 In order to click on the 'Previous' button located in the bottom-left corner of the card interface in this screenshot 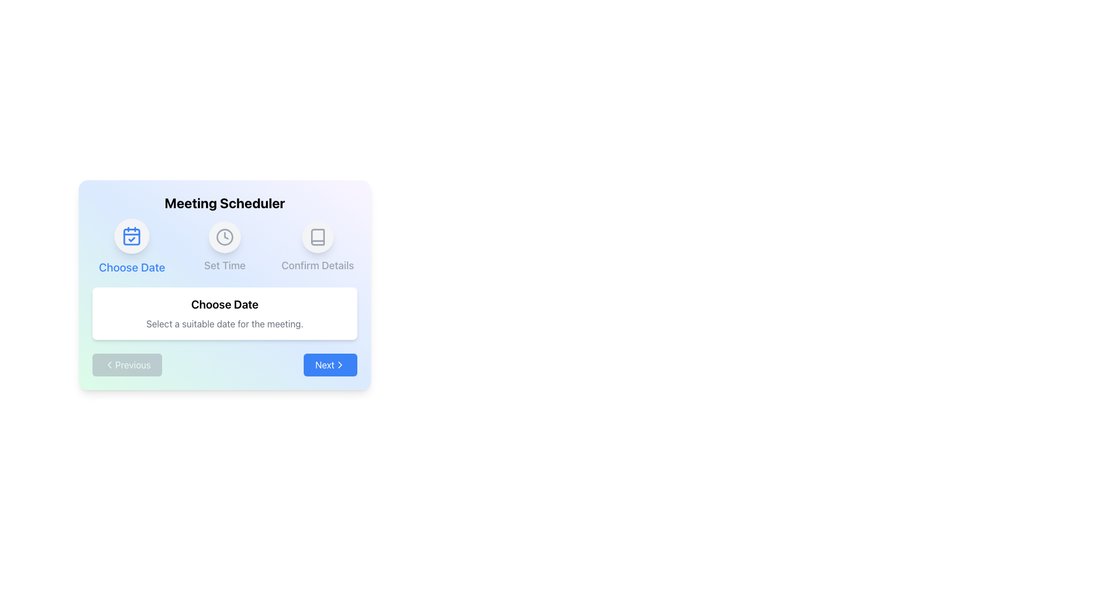, I will do `click(127, 365)`.